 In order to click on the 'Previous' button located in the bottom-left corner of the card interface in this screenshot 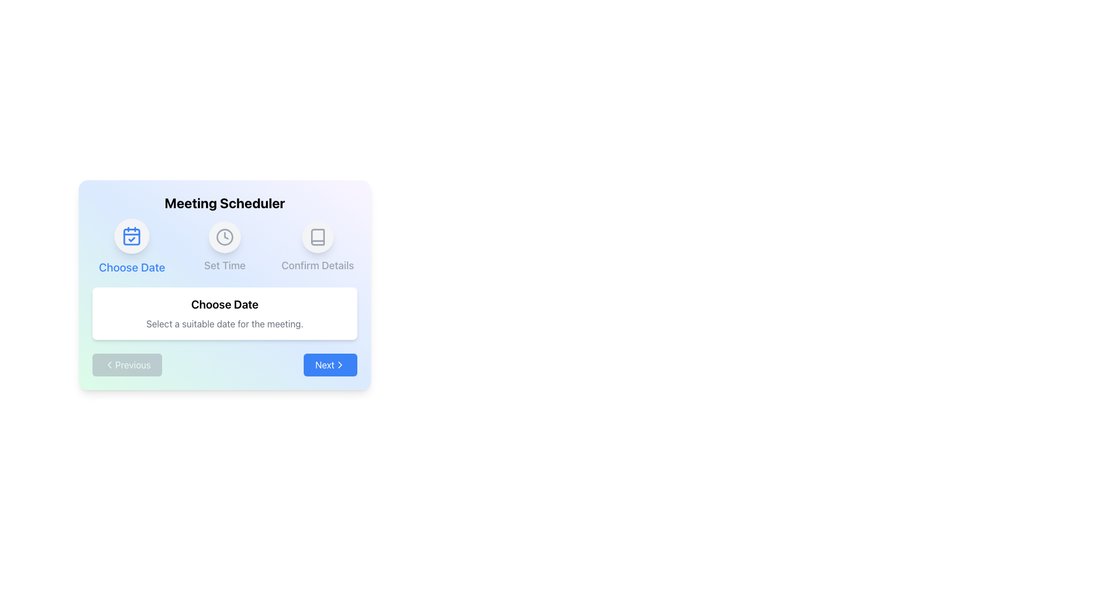, I will do `click(127, 365)`.